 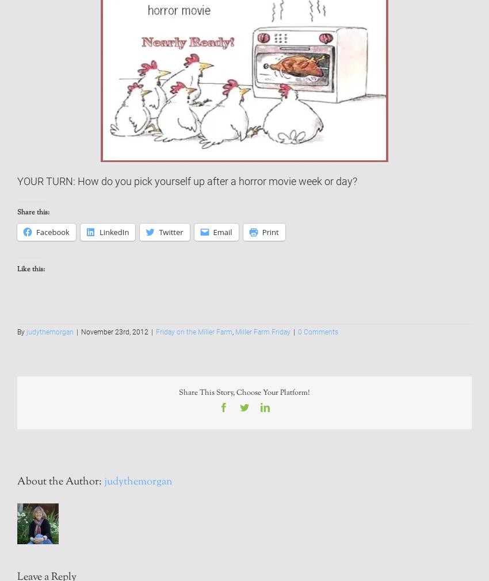 What do you see at coordinates (21, 332) in the screenshot?
I see `'By'` at bounding box center [21, 332].